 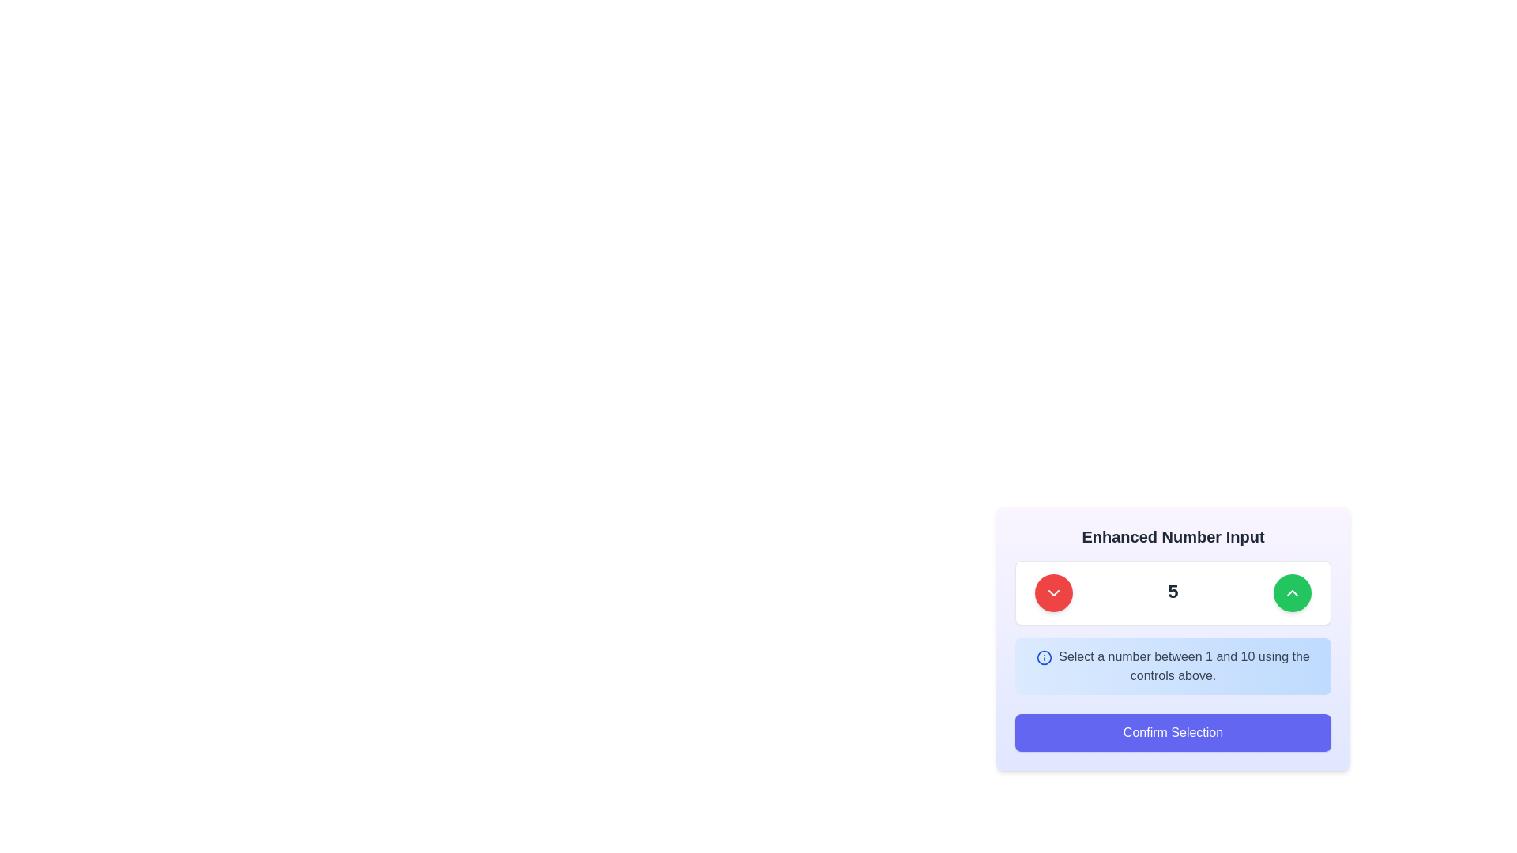 I want to click on text label providing instructions for using the associated number input controls, which is located within a blue gradient box below the number input controls labeled 5, positioned to the right of an information icon, so click(x=1184, y=666).